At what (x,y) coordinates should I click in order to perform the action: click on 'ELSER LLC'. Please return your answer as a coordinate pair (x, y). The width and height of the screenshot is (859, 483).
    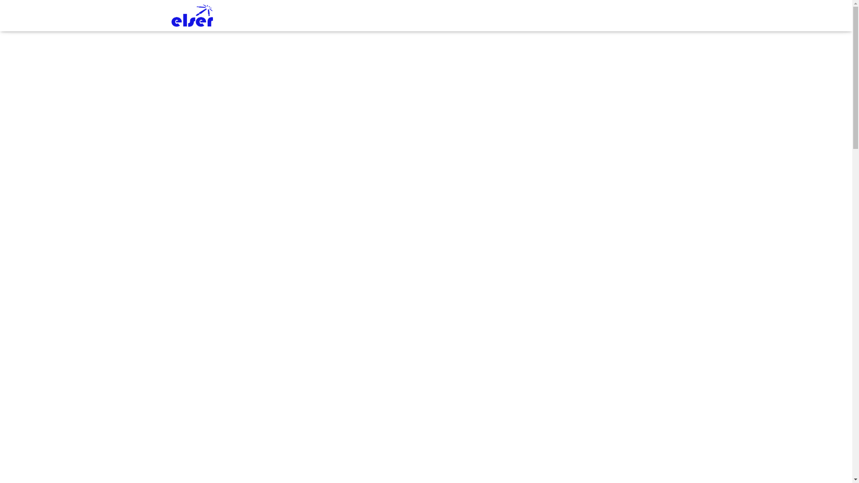
    Looking at the image, I should click on (165, 15).